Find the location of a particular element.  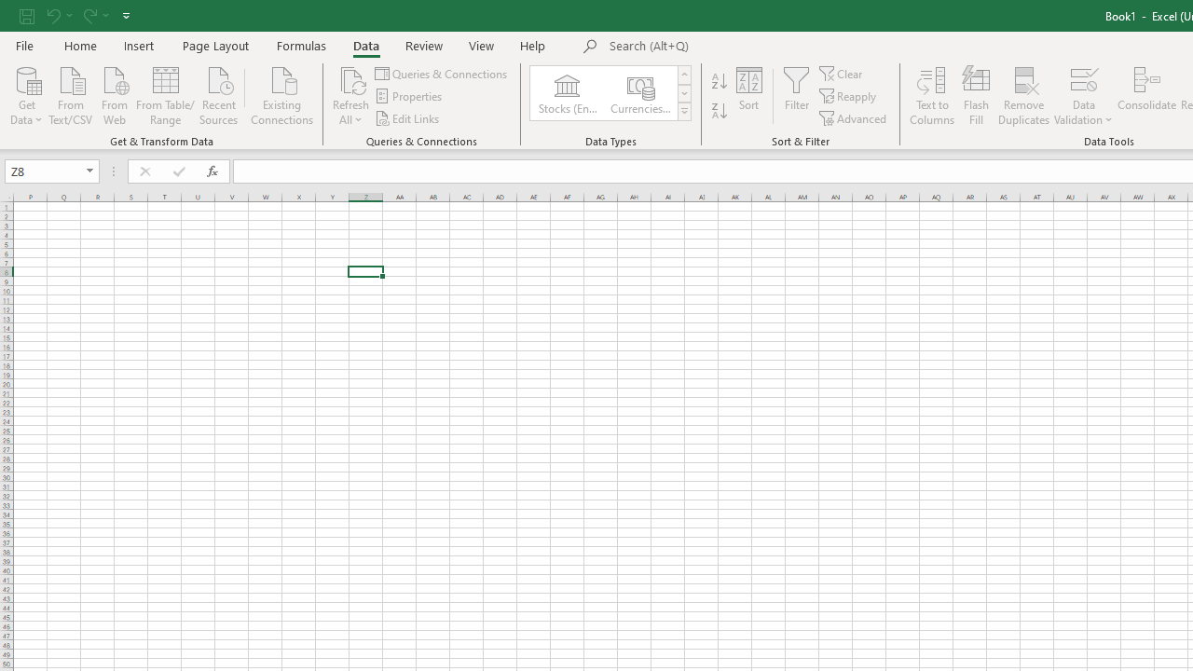

'Edit Links' is located at coordinates (407, 118).